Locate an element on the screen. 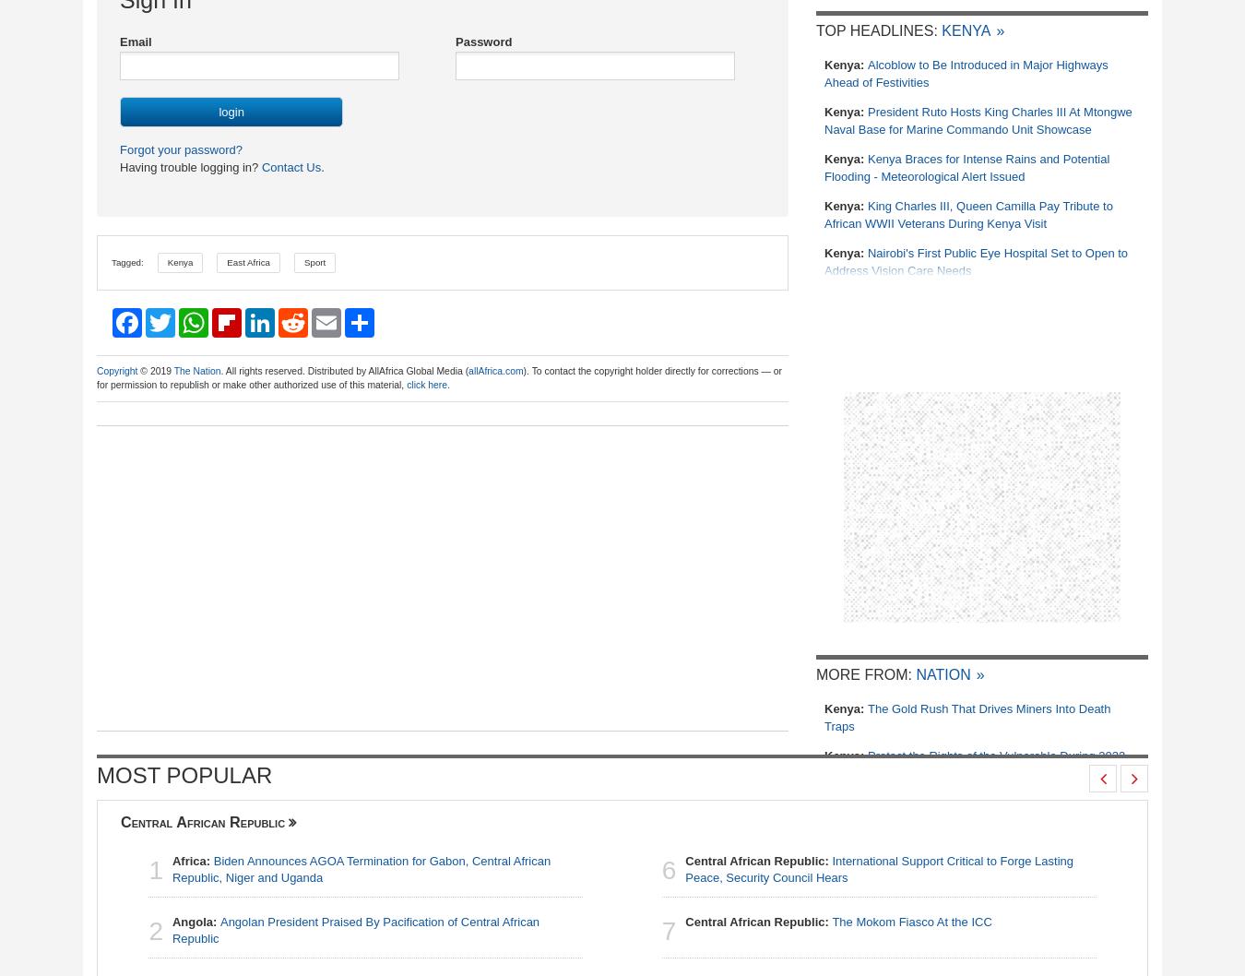  'click here.' is located at coordinates (407, 384).